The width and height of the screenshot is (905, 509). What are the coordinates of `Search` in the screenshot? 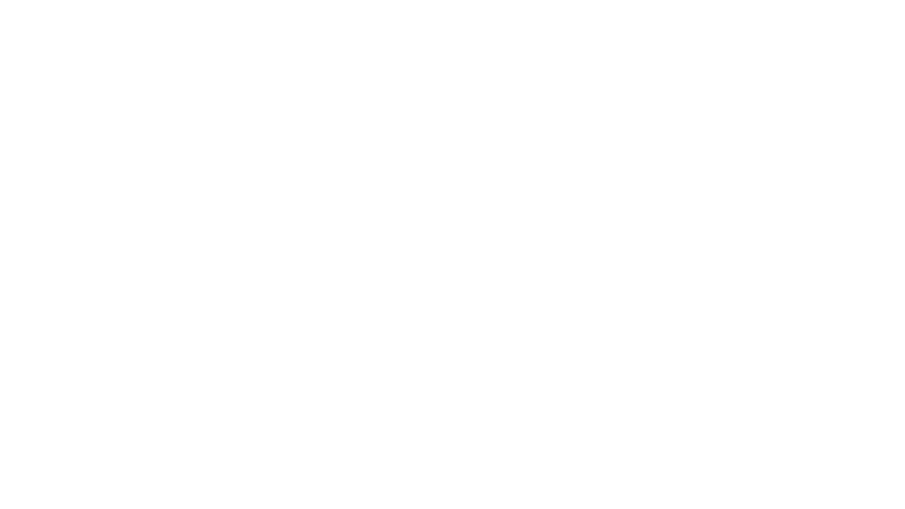 It's located at (591, 15).